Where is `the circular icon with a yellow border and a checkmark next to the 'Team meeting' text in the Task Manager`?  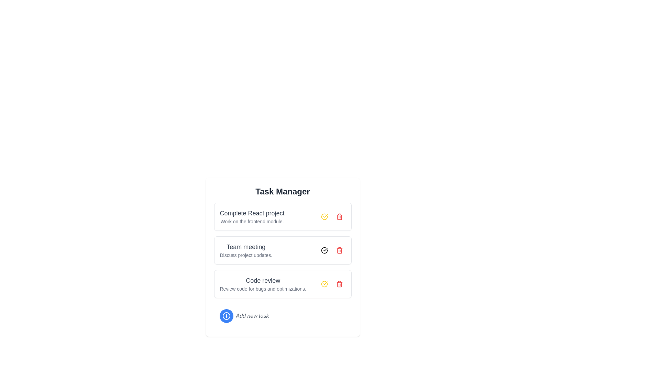 the circular icon with a yellow border and a checkmark next to the 'Team meeting' text in the Task Manager is located at coordinates (324, 217).